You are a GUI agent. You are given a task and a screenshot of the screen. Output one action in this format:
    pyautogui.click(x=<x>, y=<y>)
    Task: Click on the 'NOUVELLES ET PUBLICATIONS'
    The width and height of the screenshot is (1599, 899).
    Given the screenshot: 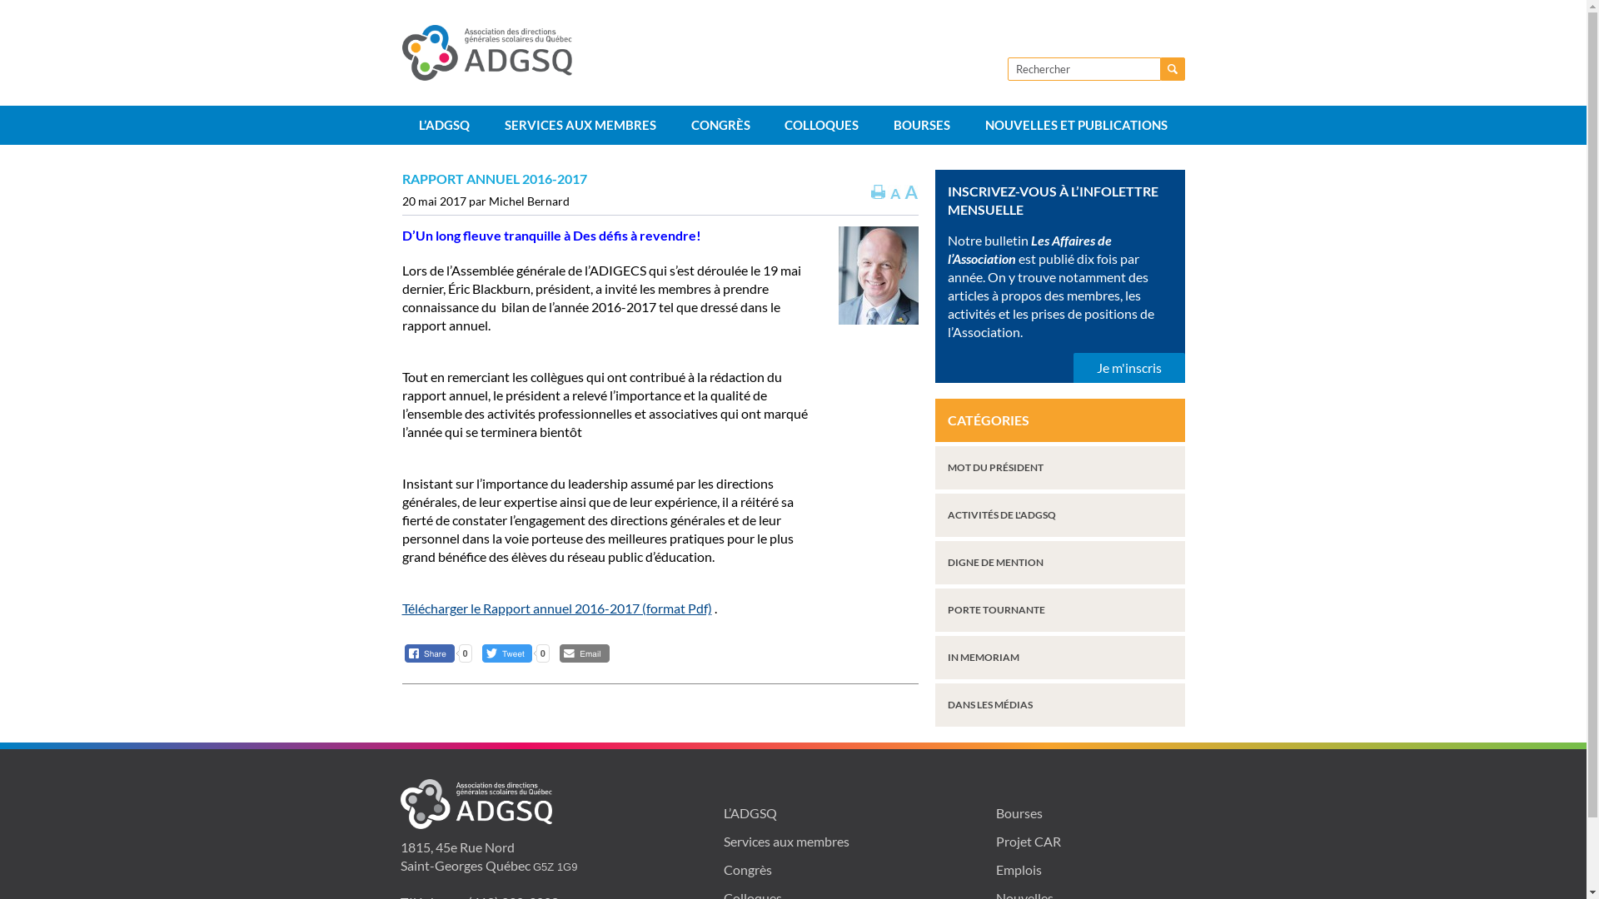 What is the action you would take?
    pyautogui.click(x=967, y=124)
    